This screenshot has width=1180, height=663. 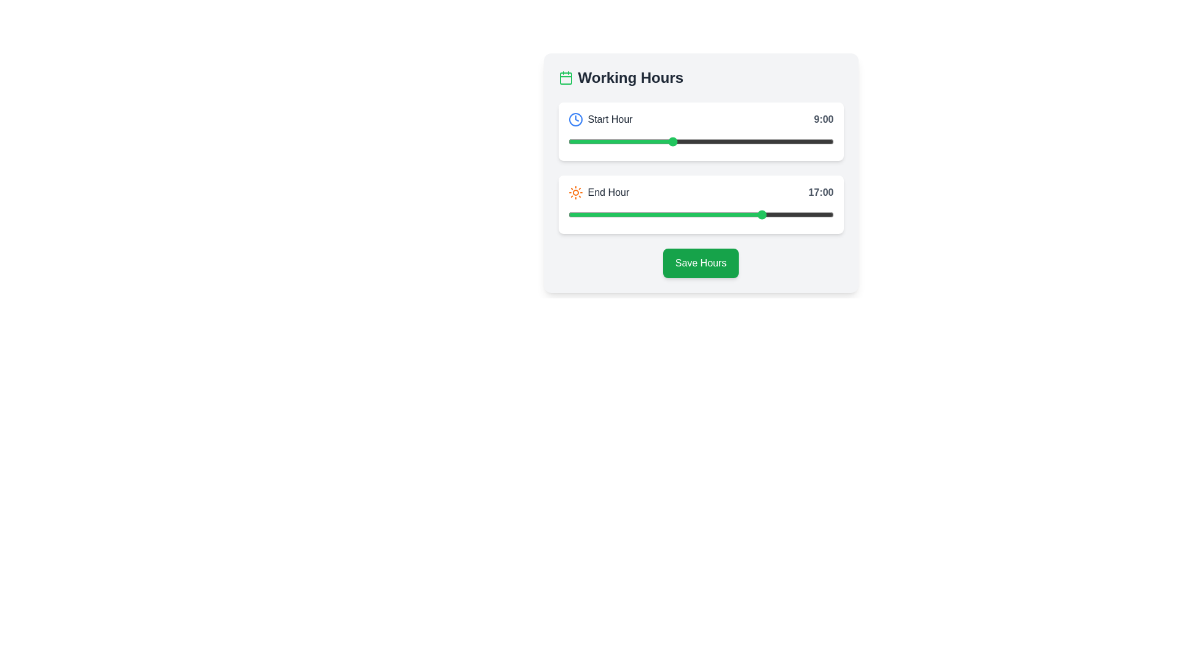 I want to click on the end hour, so click(x=763, y=214).